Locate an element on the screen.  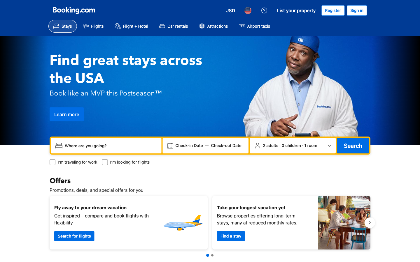
Begin the process of account registration is located at coordinates (333, 10).